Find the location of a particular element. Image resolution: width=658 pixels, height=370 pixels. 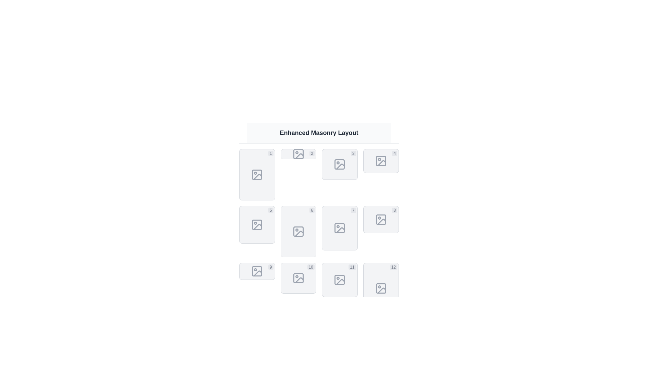

the grid item component with a light gray background and an icon resembling an image, which contains the number '4' in the top-right corner is located at coordinates (380, 161).